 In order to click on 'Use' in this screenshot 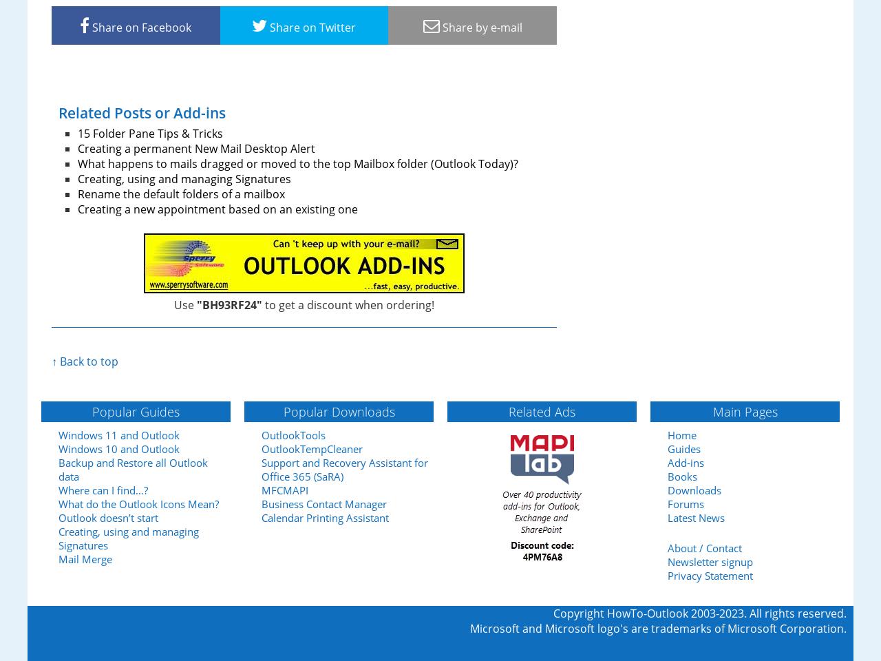, I will do `click(184, 305)`.